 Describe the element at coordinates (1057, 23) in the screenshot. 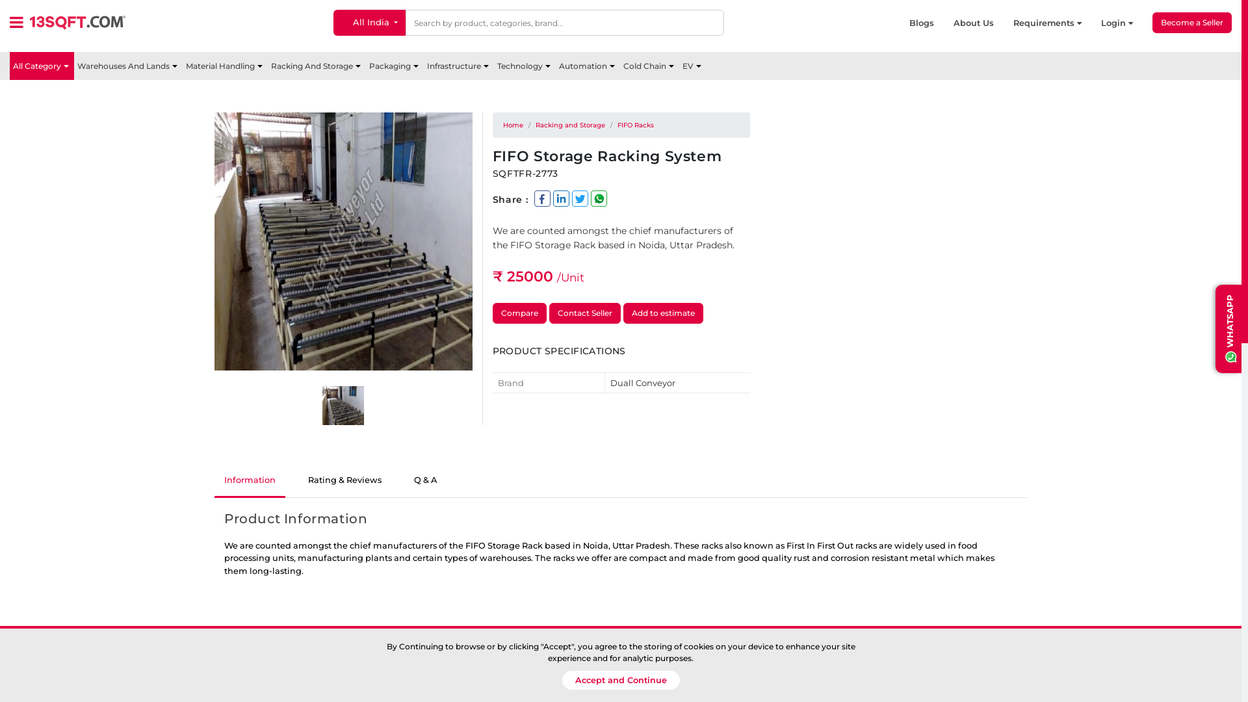

I see `'Requirements'` at that location.